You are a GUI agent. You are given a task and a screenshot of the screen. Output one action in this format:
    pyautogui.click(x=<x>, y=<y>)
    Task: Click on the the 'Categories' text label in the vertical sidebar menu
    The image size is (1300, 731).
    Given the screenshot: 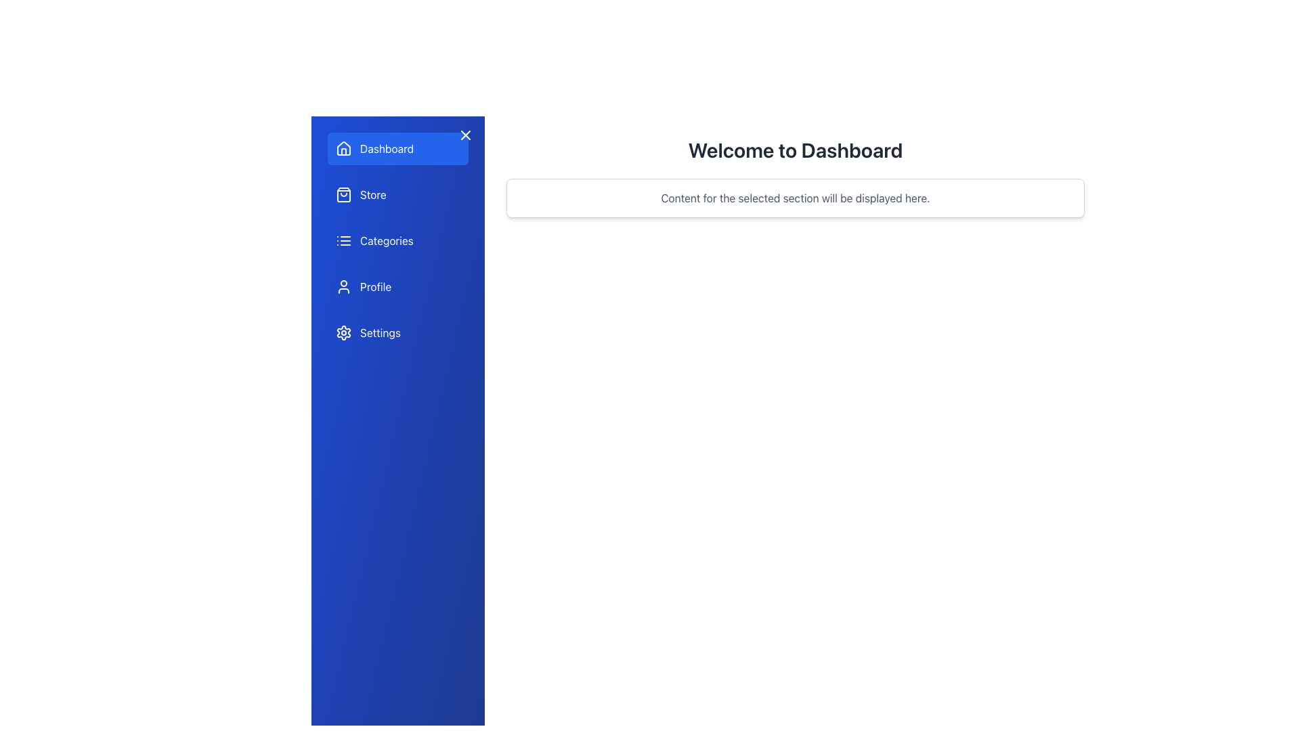 What is the action you would take?
    pyautogui.click(x=386, y=240)
    